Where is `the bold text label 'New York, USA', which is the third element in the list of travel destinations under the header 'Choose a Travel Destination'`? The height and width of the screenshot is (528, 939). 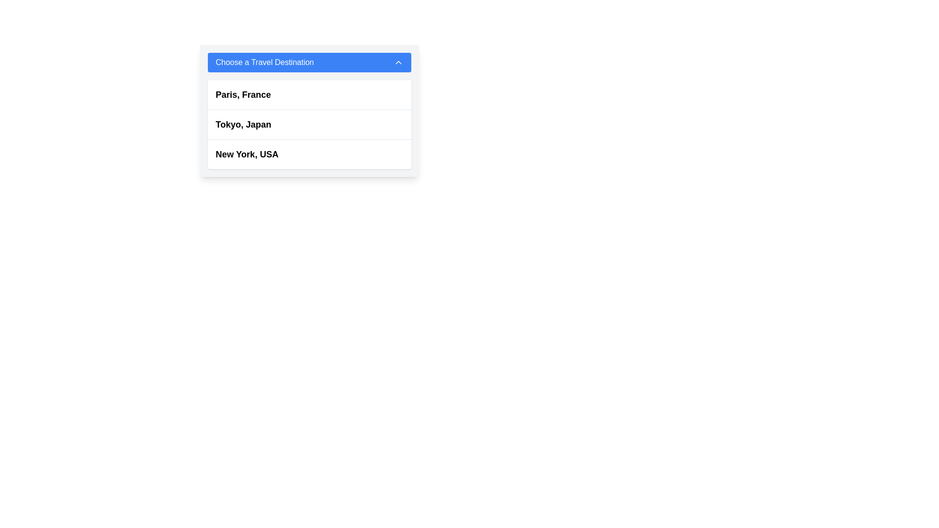 the bold text label 'New York, USA', which is the third element in the list of travel destinations under the header 'Choose a Travel Destination' is located at coordinates (247, 154).